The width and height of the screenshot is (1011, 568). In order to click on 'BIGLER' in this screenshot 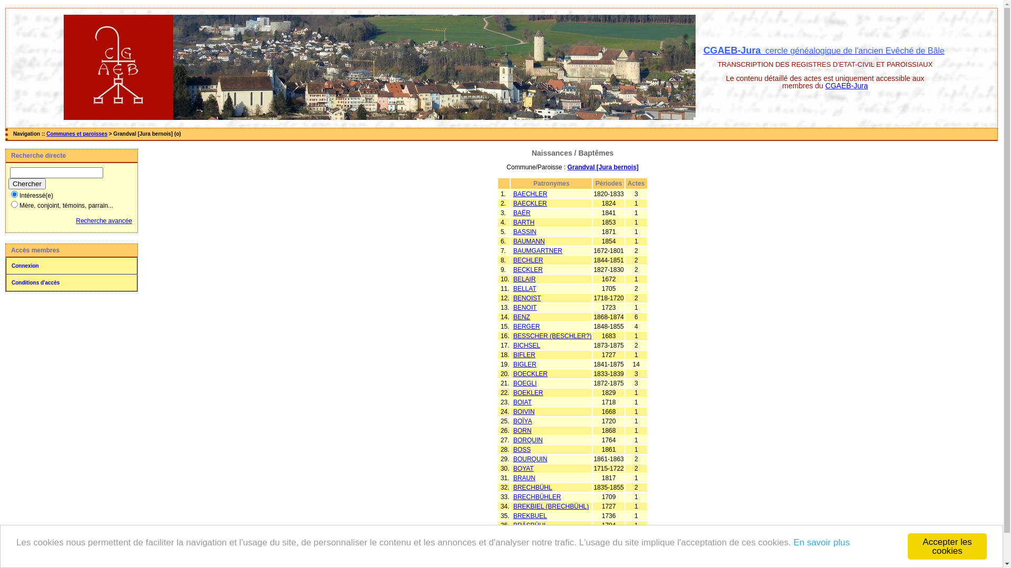, I will do `click(525, 364)`.